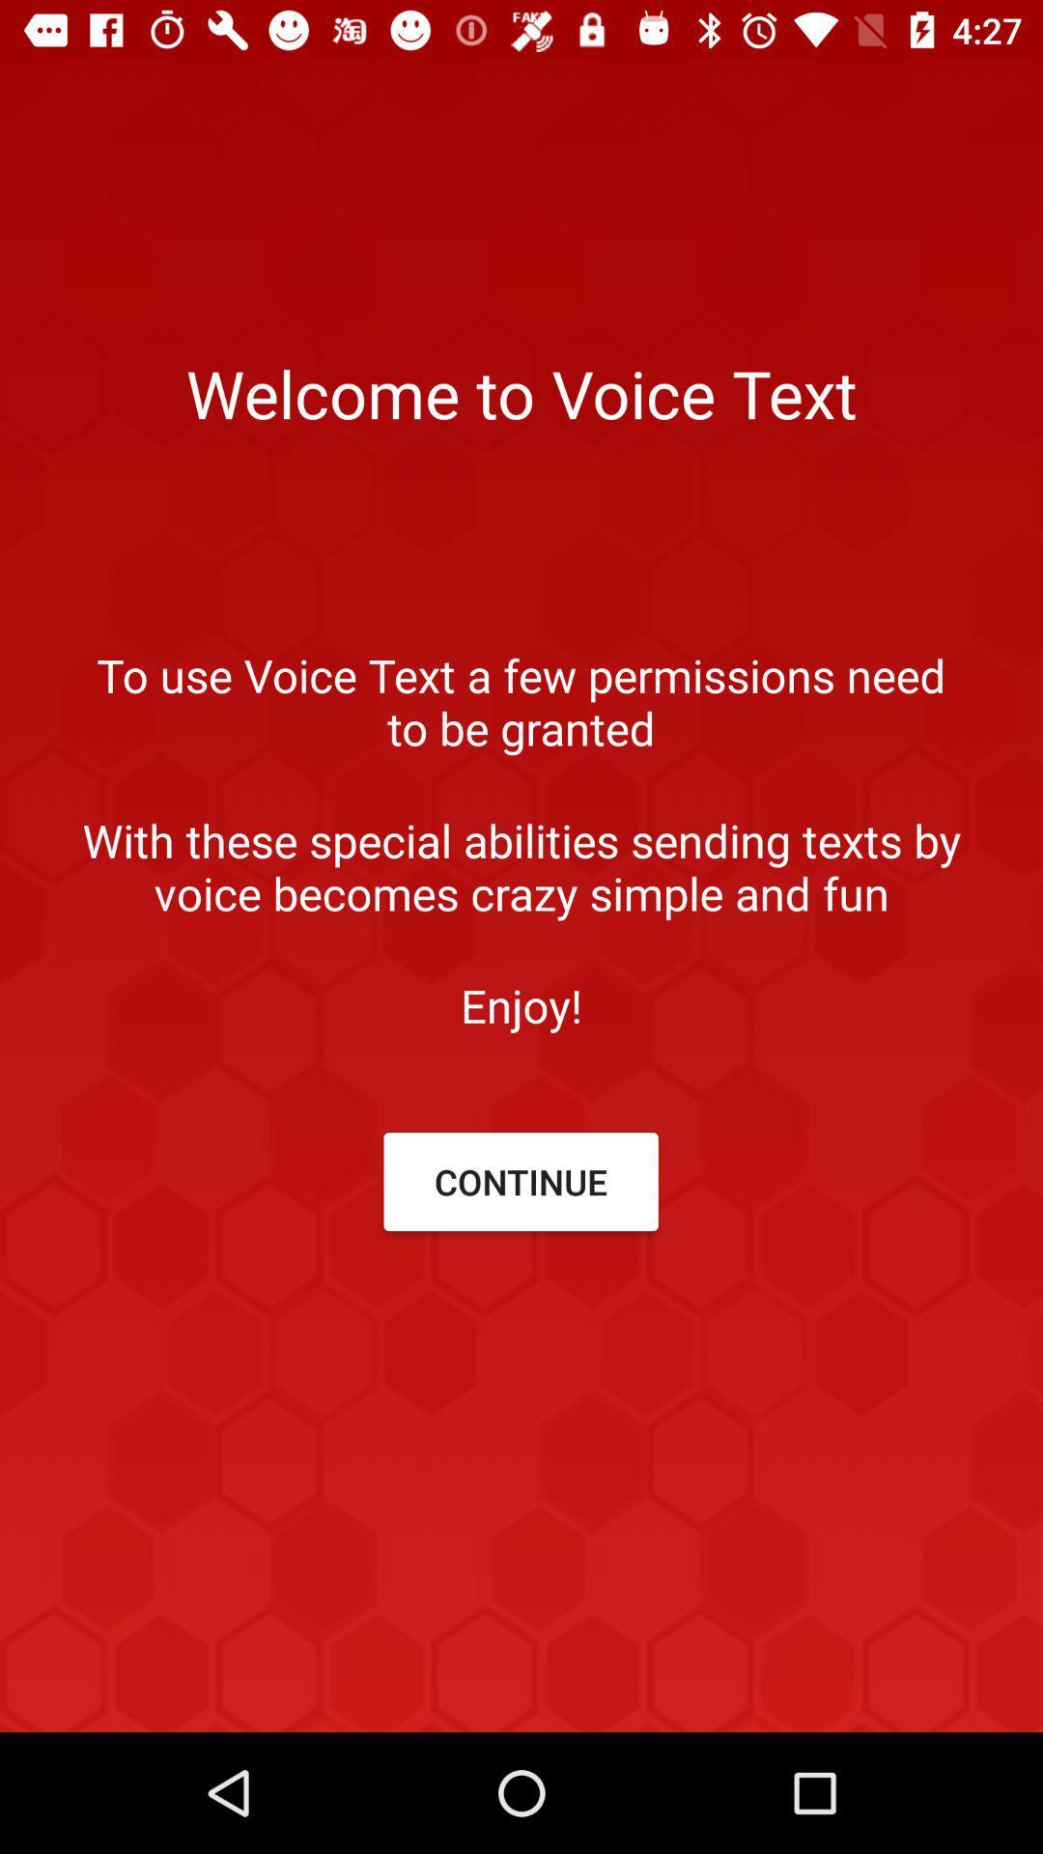 This screenshot has width=1043, height=1854. Describe the element at coordinates (520, 1181) in the screenshot. I see `the continue icon` at that location.